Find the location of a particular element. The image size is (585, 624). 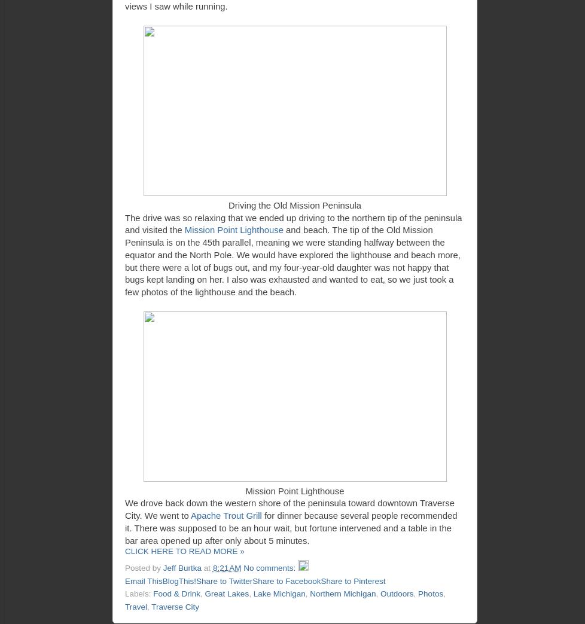

'No comments:' is located at coordinates (270, 567).